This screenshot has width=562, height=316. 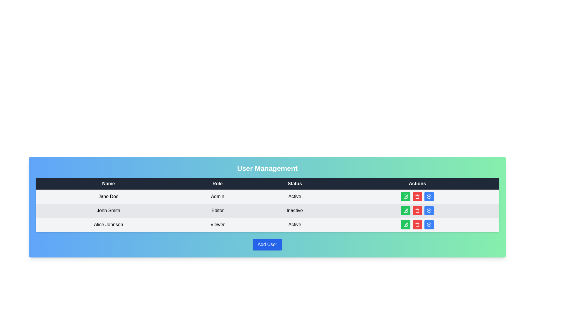 What do you see at coordinates (405, 196) in the screenshot?
I see `the edit icon button in the 'Actions' column of the user management table for user 'Jane Doe'` at bounding box center [405, 196].